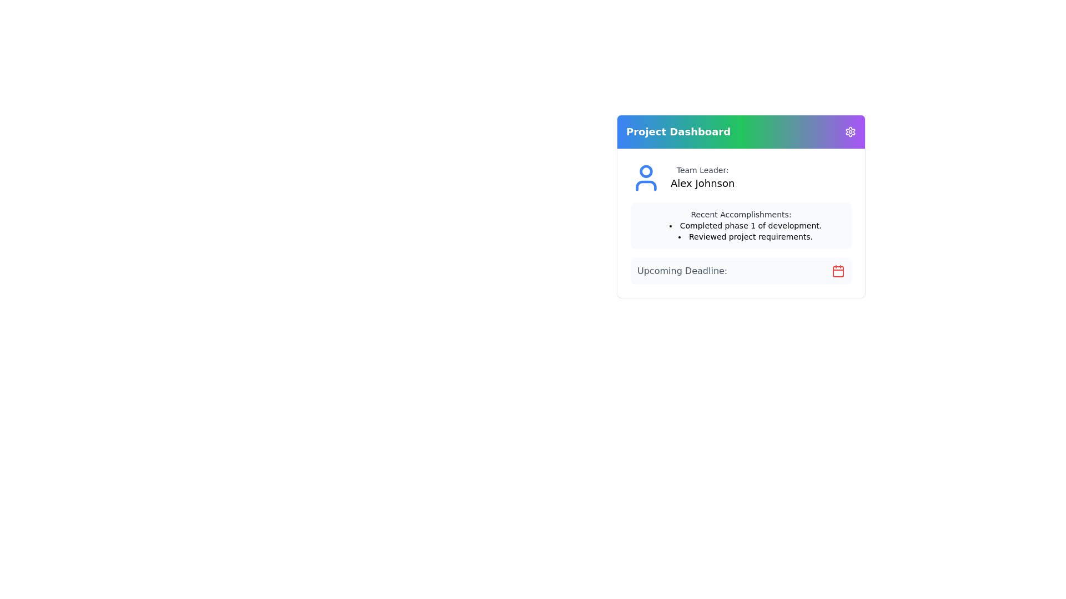 The height and width of the screenshot is (599, 1066). Describe the element at coordinates (646, 171) in the screenshot. I see `the circular SVG graphic element representing the head in the user icon located adjacent to the 'Team Leader' label and the name 'Alex Johnson' on the Project Dashboard panel` at that location.